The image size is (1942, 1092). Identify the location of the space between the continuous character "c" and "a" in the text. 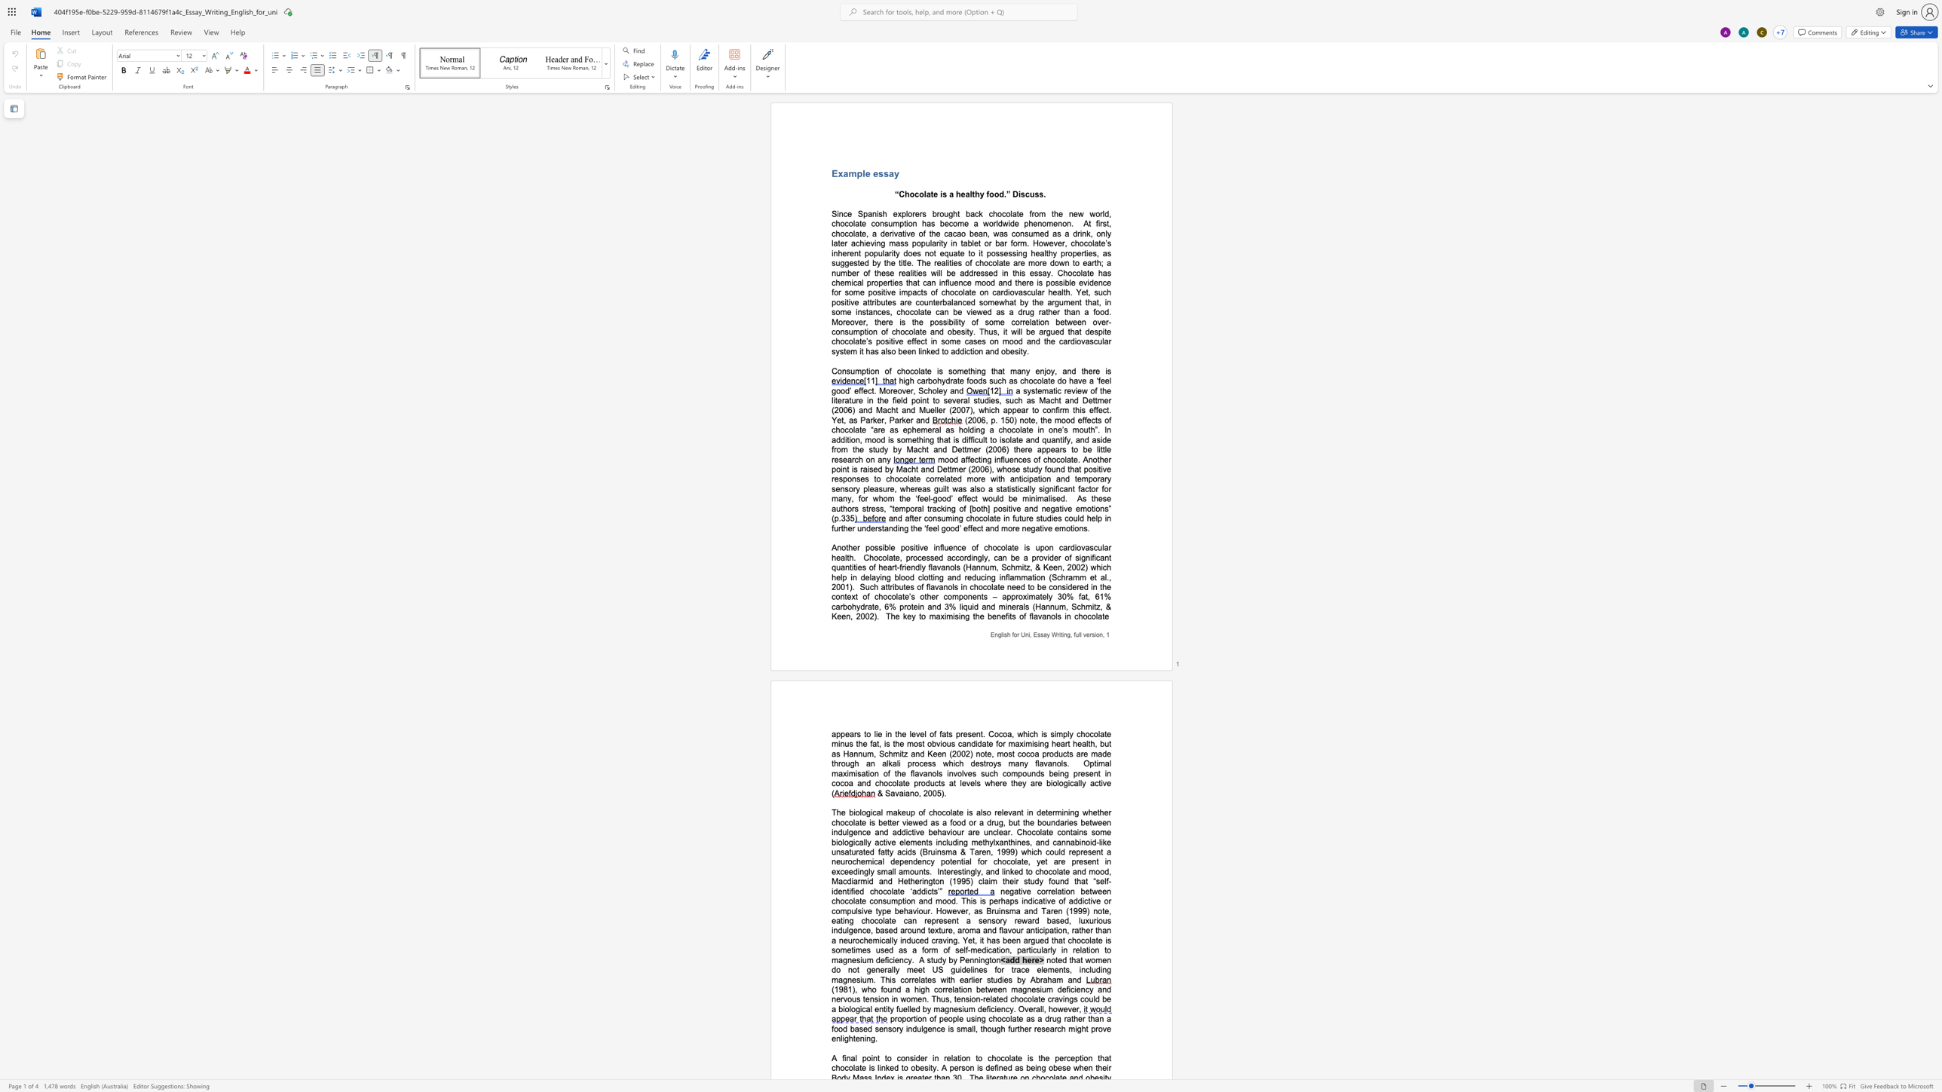
(921, 380).